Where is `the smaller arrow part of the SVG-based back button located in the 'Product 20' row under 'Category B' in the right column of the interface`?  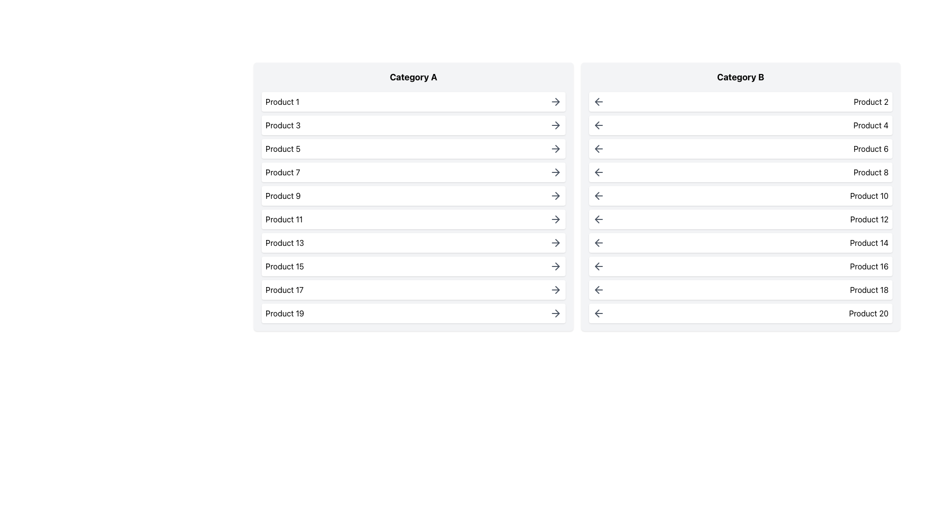 the smaller arrow part of the SVG-based back button located in the 'Product 20' row under 'Category B' in the right column of the interface is located at coordinates (596, 313).